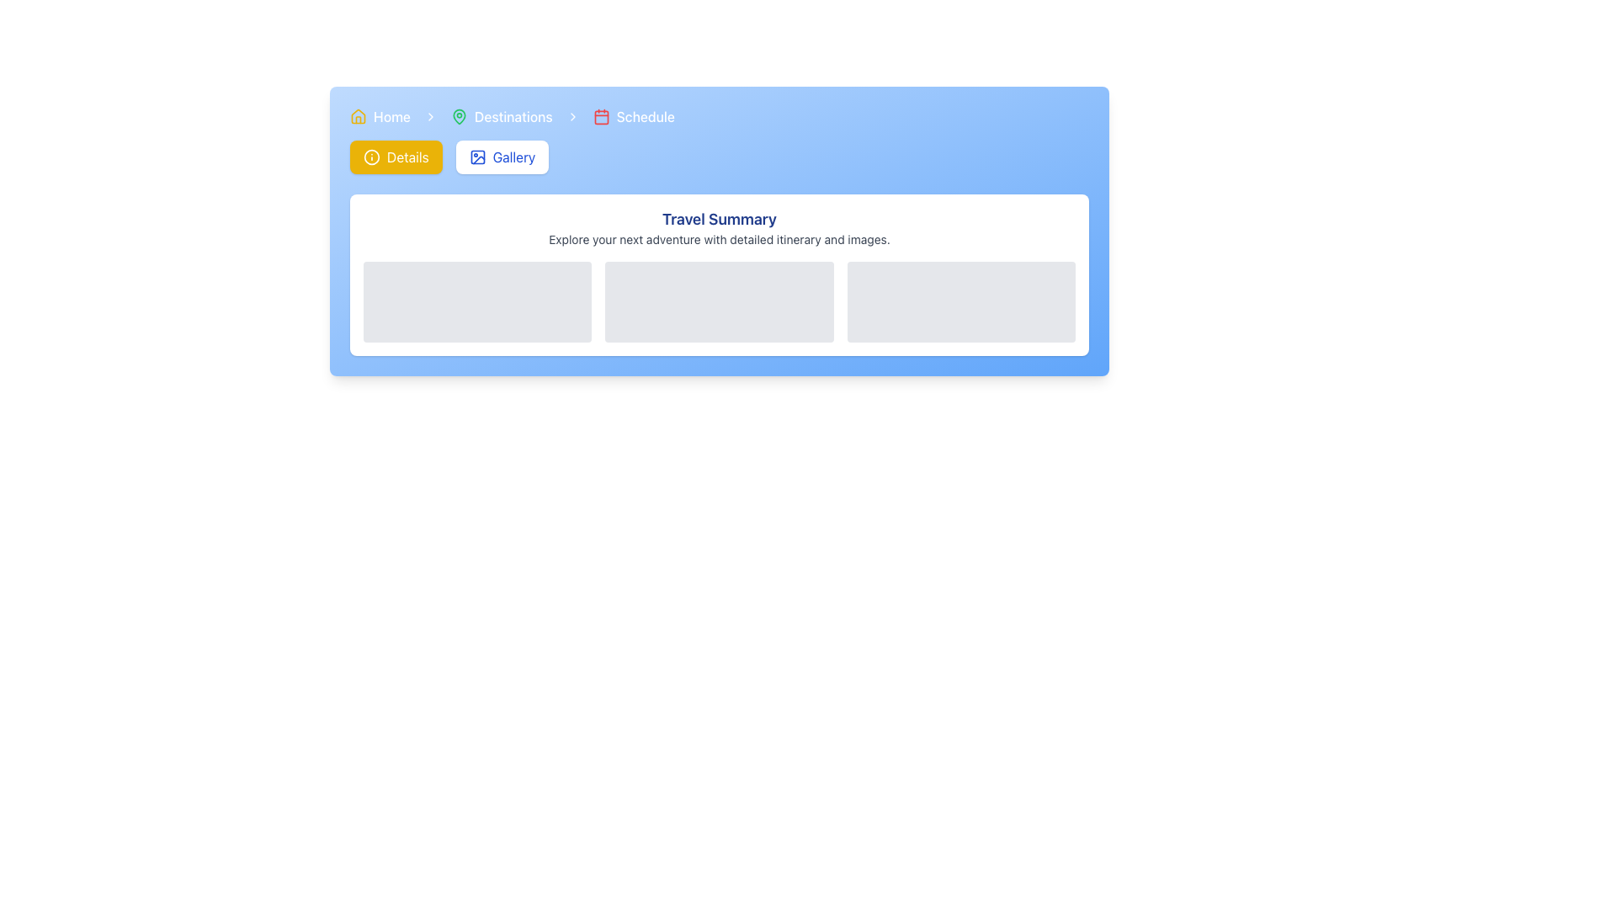 The image size is (1616, 909). Describe the element at coordinates (370, 157) in the screenshot. I see `the static state of the circular glyph located in the upper left region of the 'Details' button` at that location.